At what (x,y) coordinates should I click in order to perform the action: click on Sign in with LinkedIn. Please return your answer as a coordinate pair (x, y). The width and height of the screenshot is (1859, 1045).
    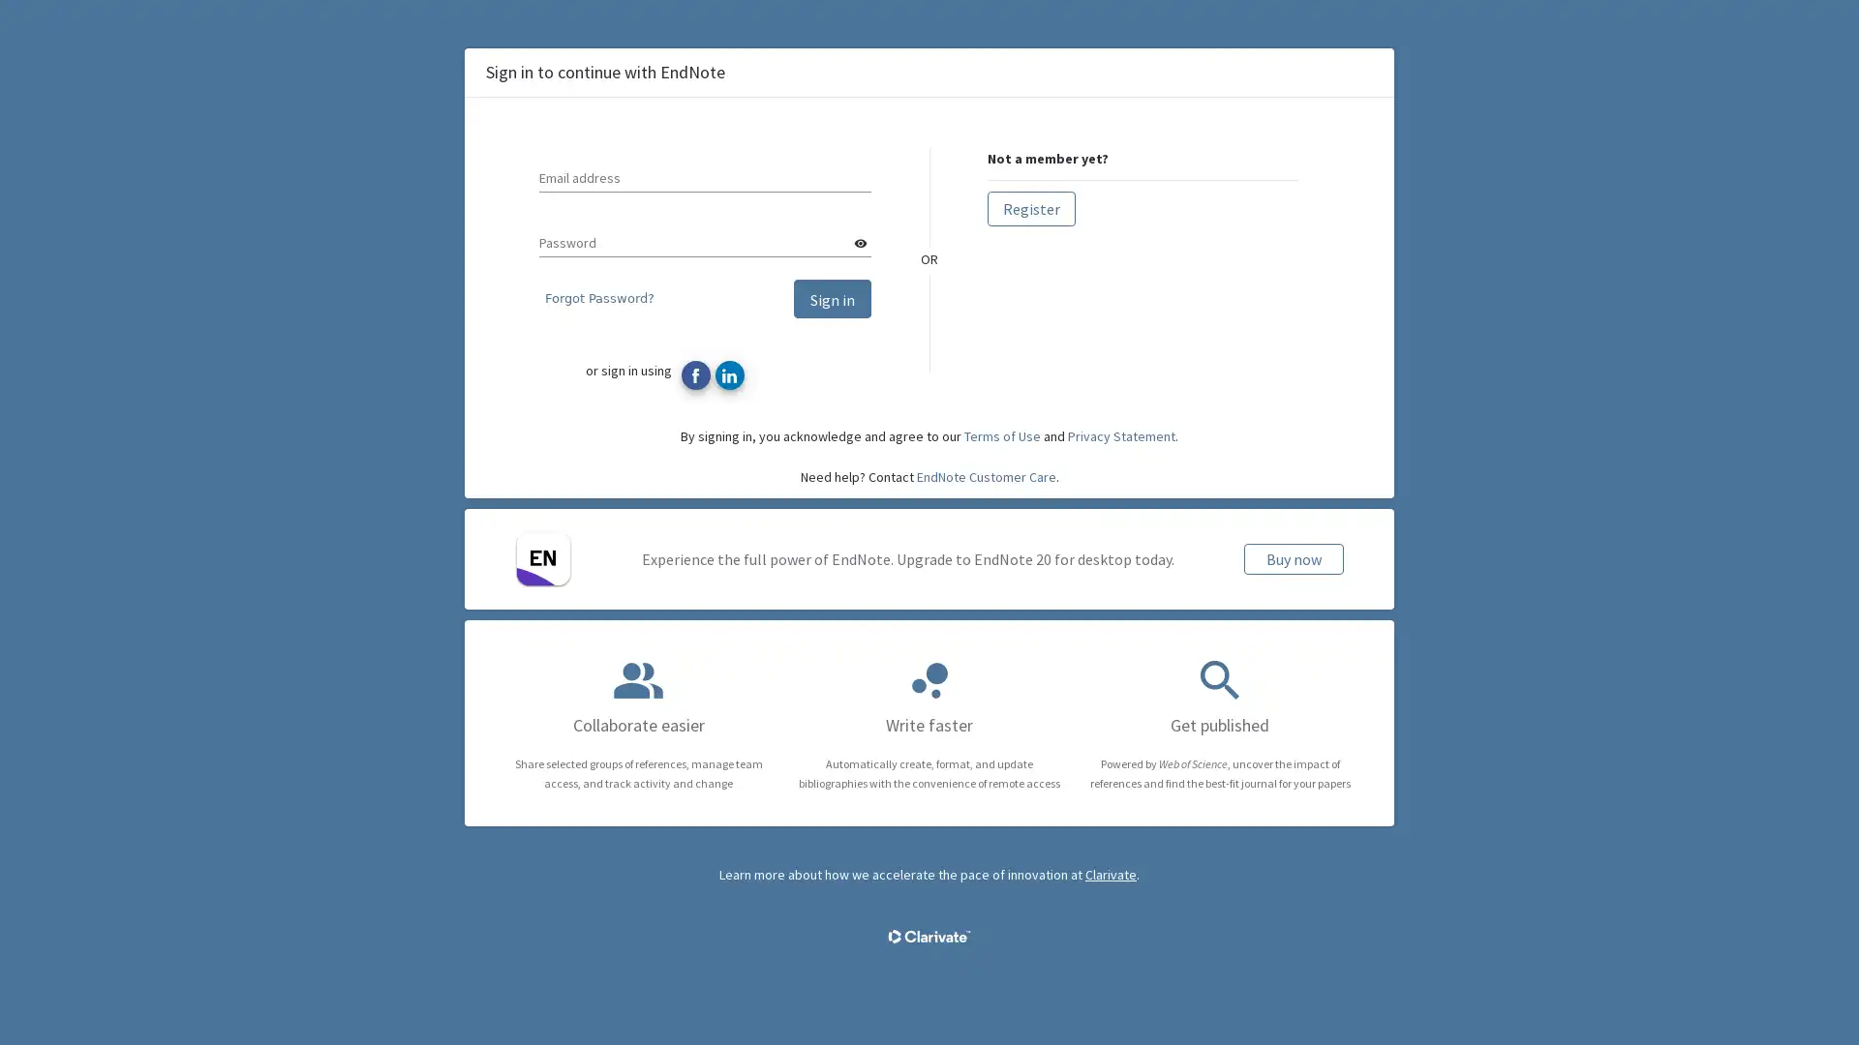
    Looking at the image, I should click on (728, 373).